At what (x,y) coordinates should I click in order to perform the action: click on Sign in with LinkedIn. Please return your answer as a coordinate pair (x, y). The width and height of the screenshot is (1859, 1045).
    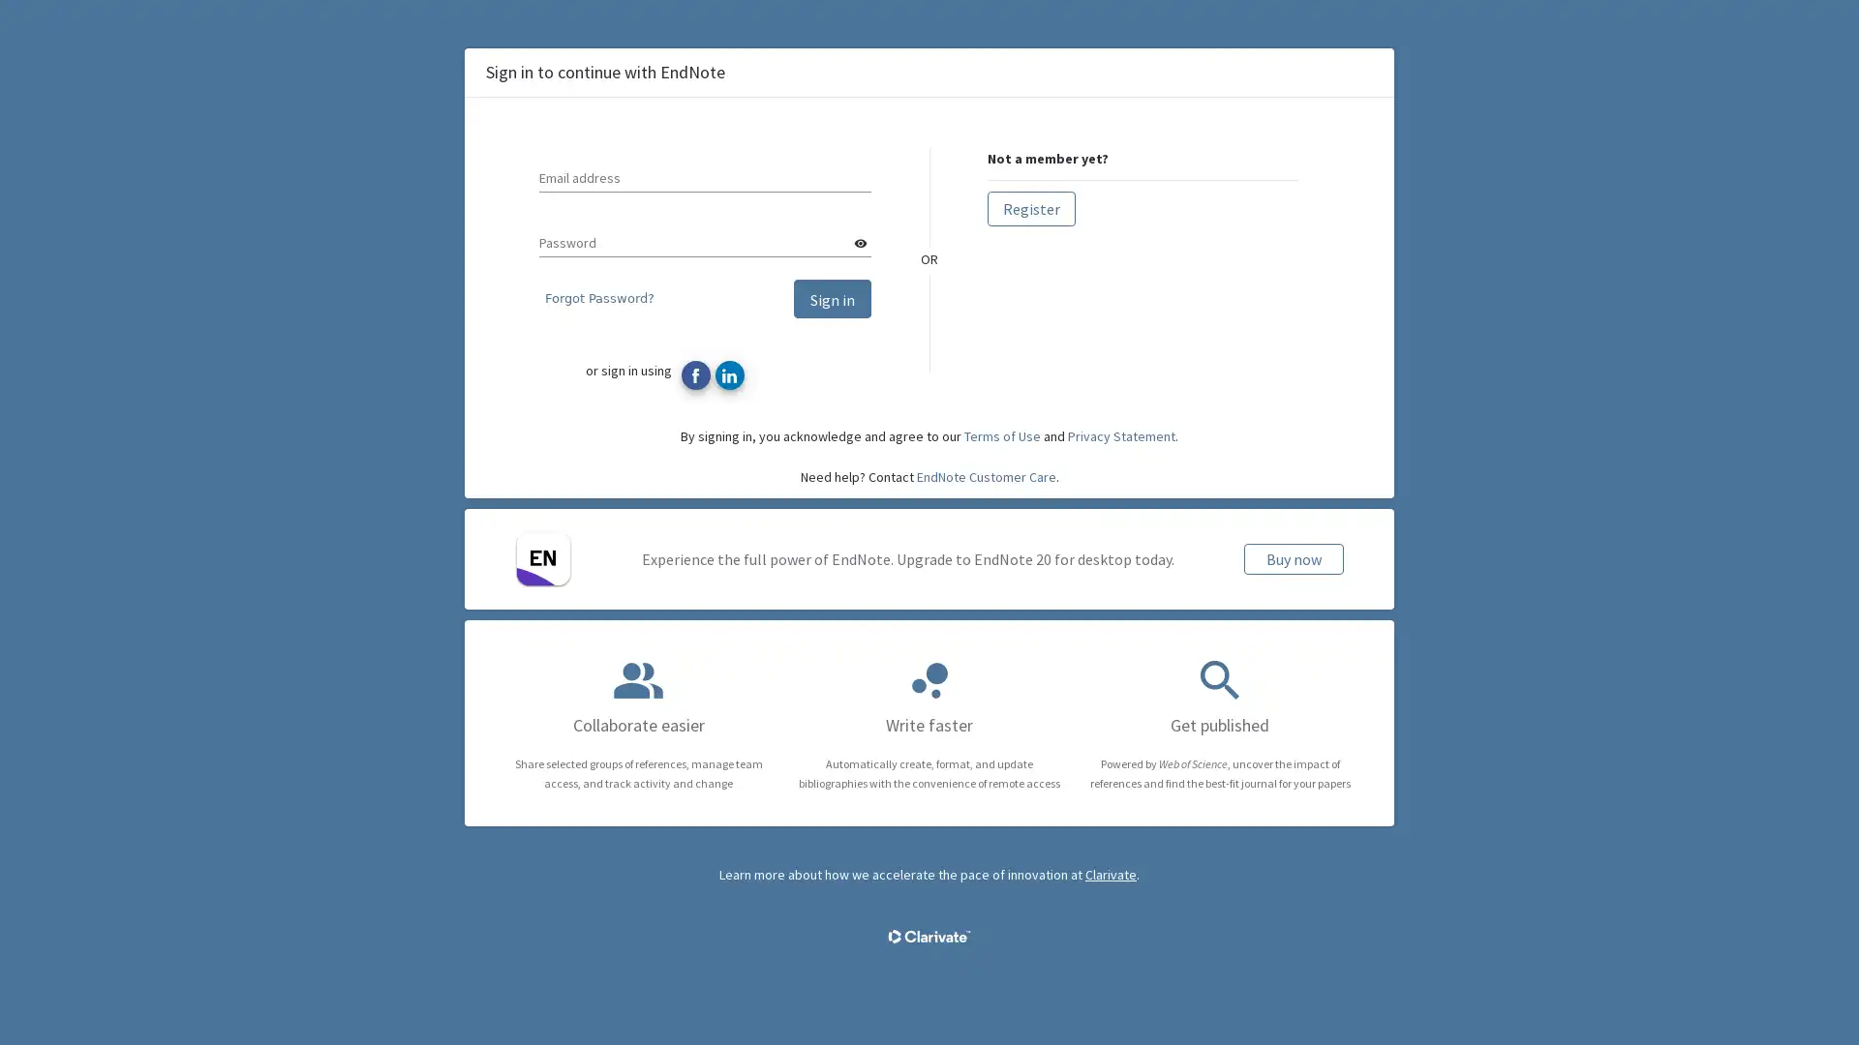
    Looking at the image, I should click on (728, 373).